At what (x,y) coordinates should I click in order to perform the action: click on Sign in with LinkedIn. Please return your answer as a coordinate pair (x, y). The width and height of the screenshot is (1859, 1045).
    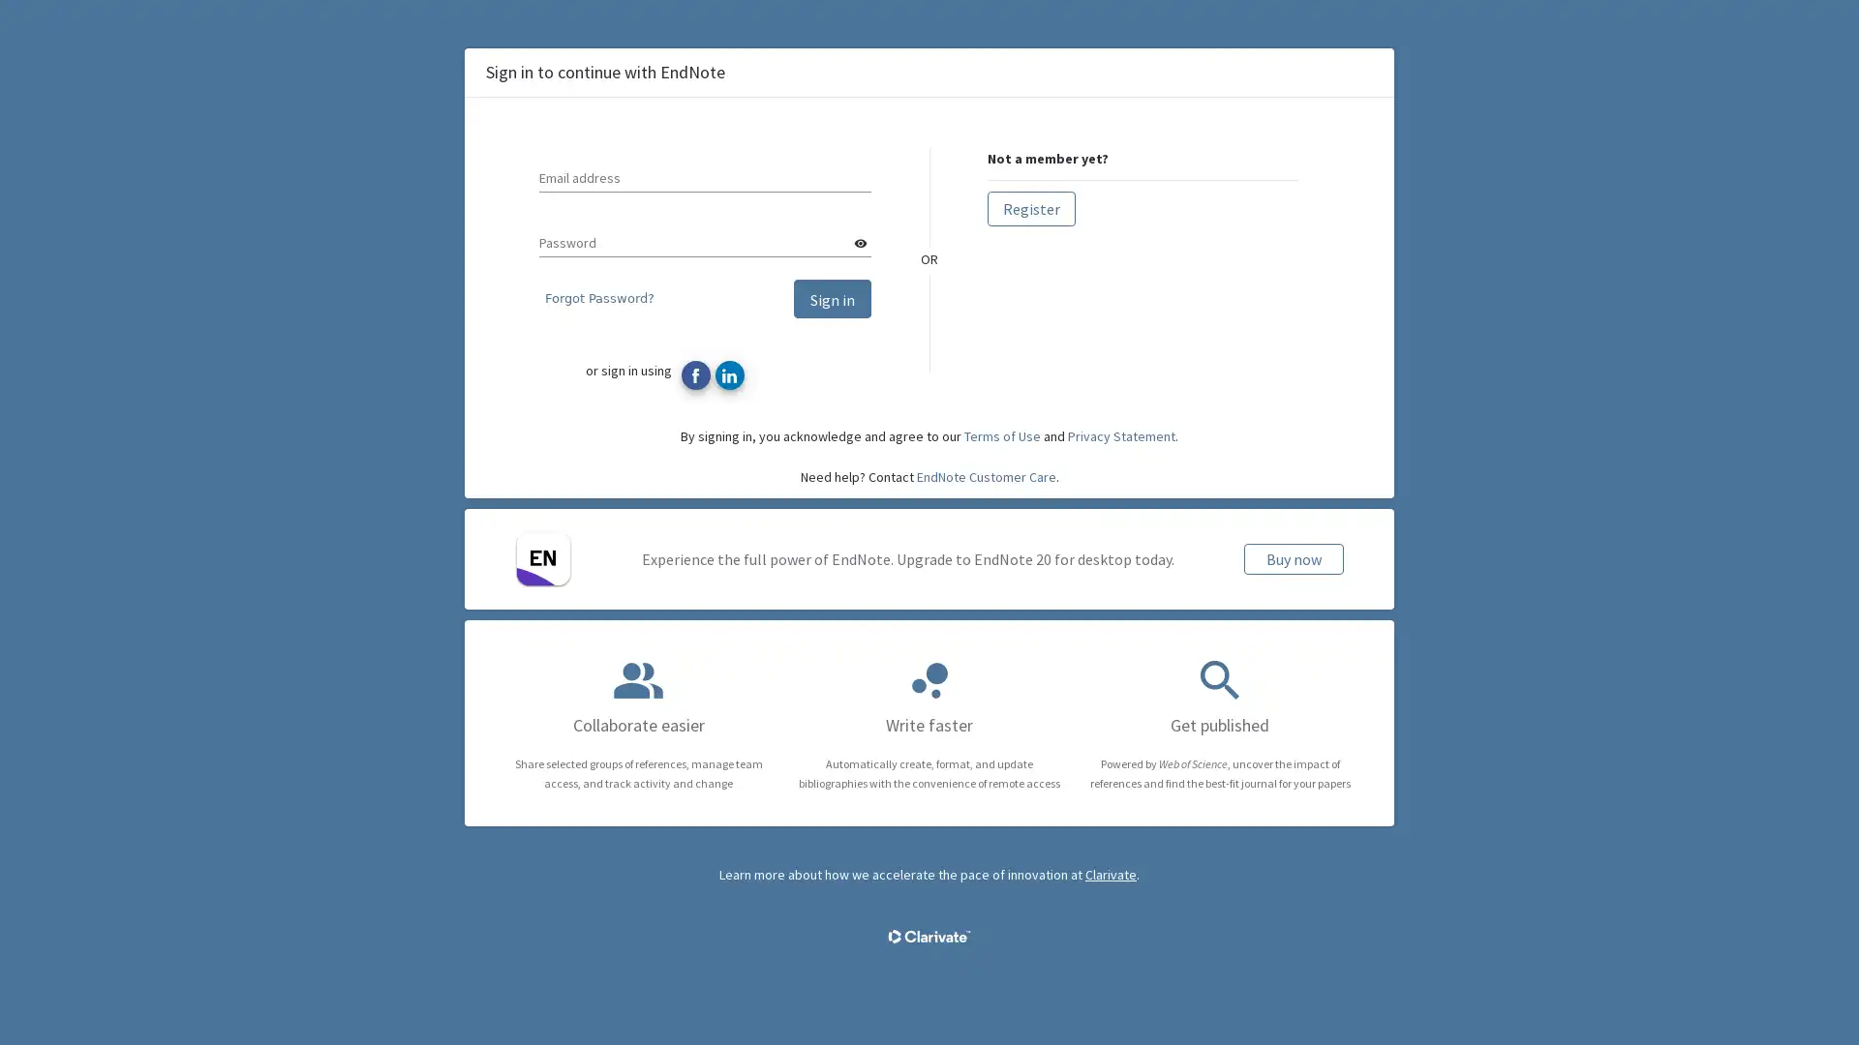
    Looking at the image, I should click on (728, 373).